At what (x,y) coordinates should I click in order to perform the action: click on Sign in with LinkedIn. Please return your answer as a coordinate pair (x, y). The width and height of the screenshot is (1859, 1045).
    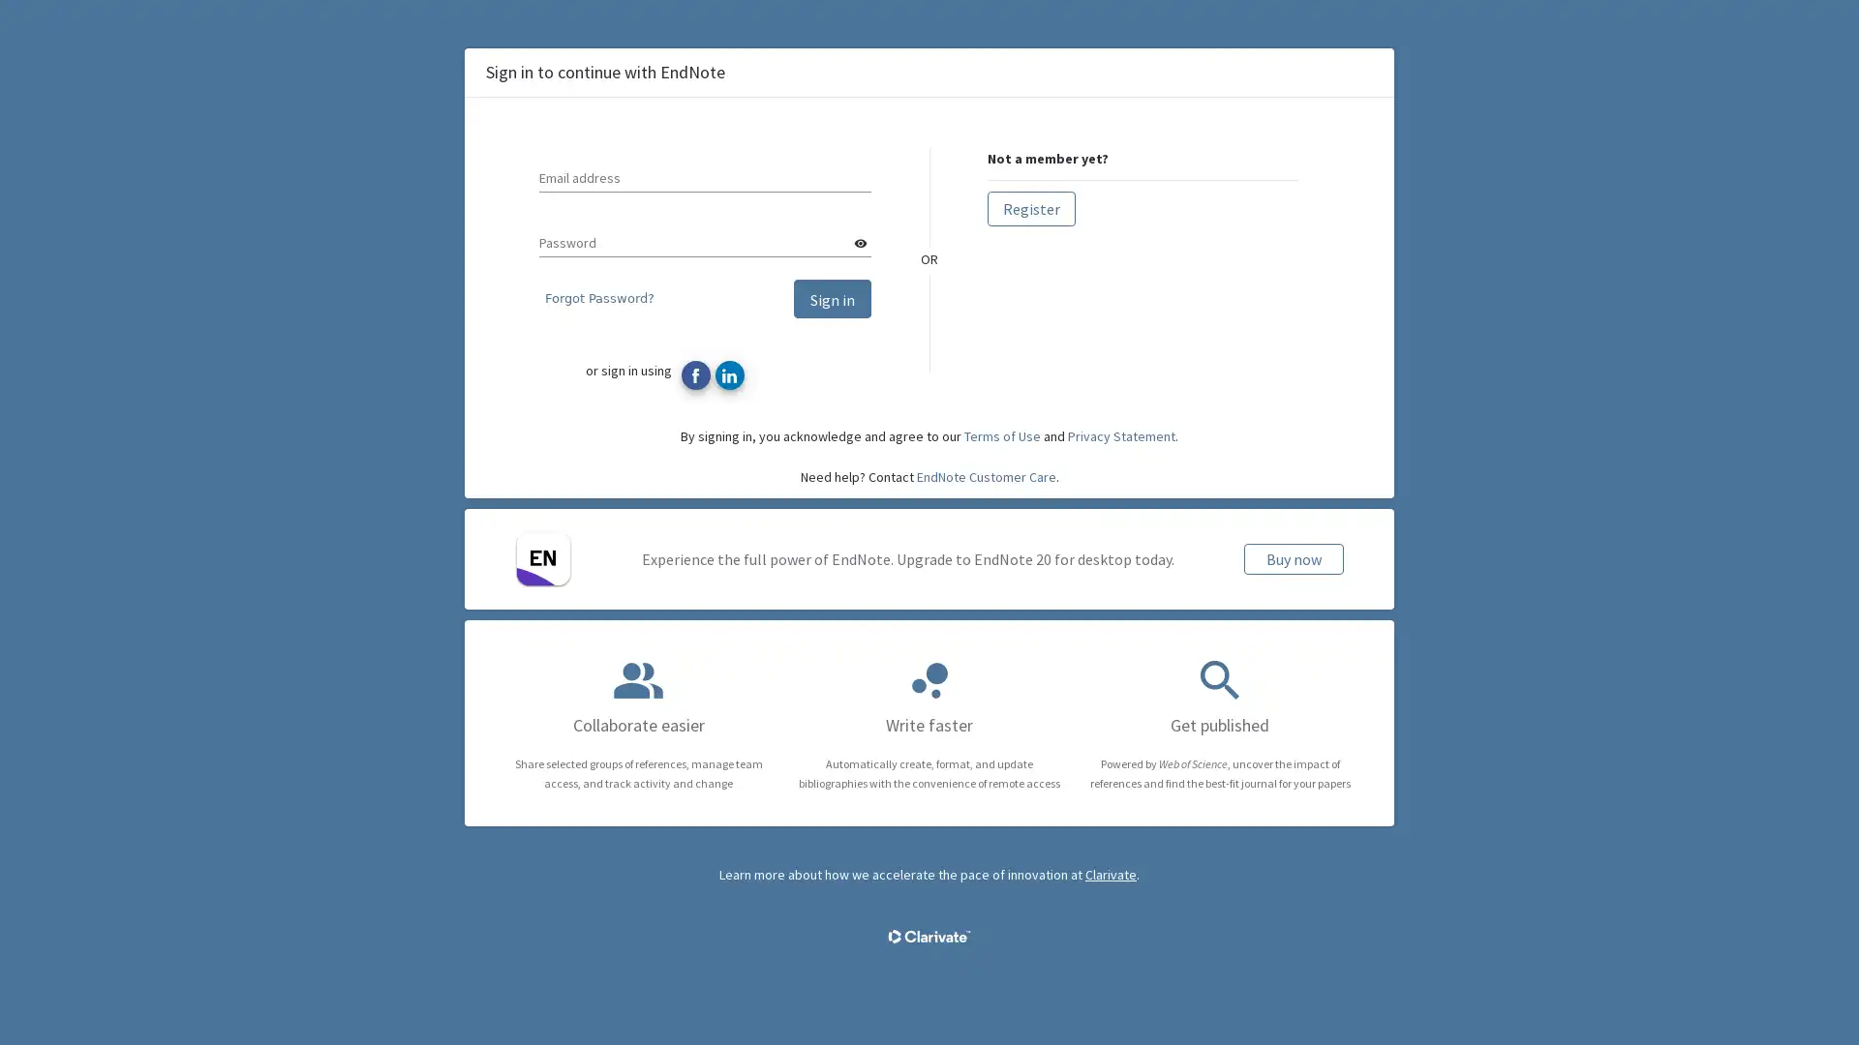
    Looking at the image, I should click on (728, 373).